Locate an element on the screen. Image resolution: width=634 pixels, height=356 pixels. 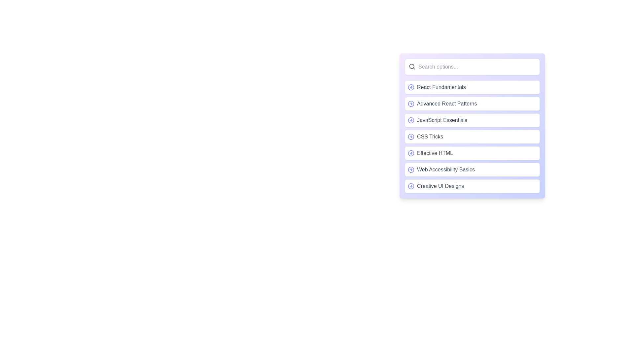
the Circle element which is part of the SVG graphic icon for the 'Creative UI Designs' list item, located to the left of the text label is located at coordinates (410, 186).